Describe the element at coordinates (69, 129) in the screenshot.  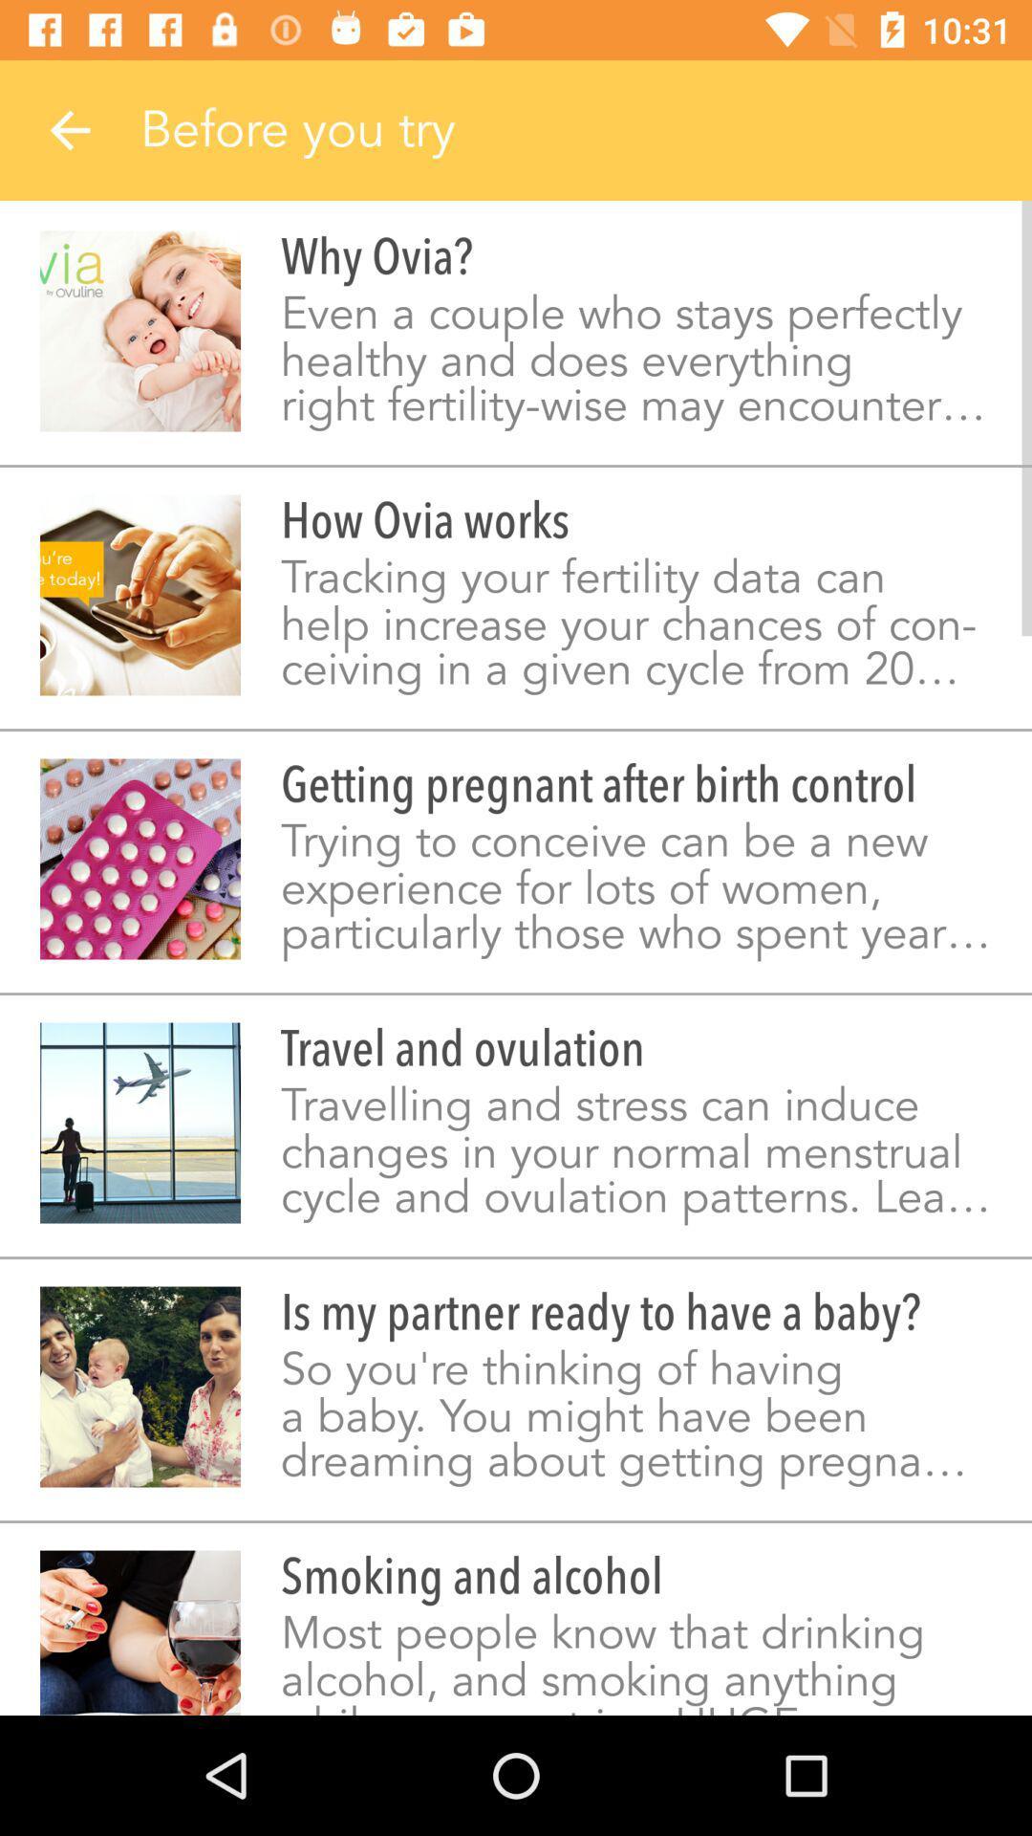
I see `item to the left of before you try icon` at that location.